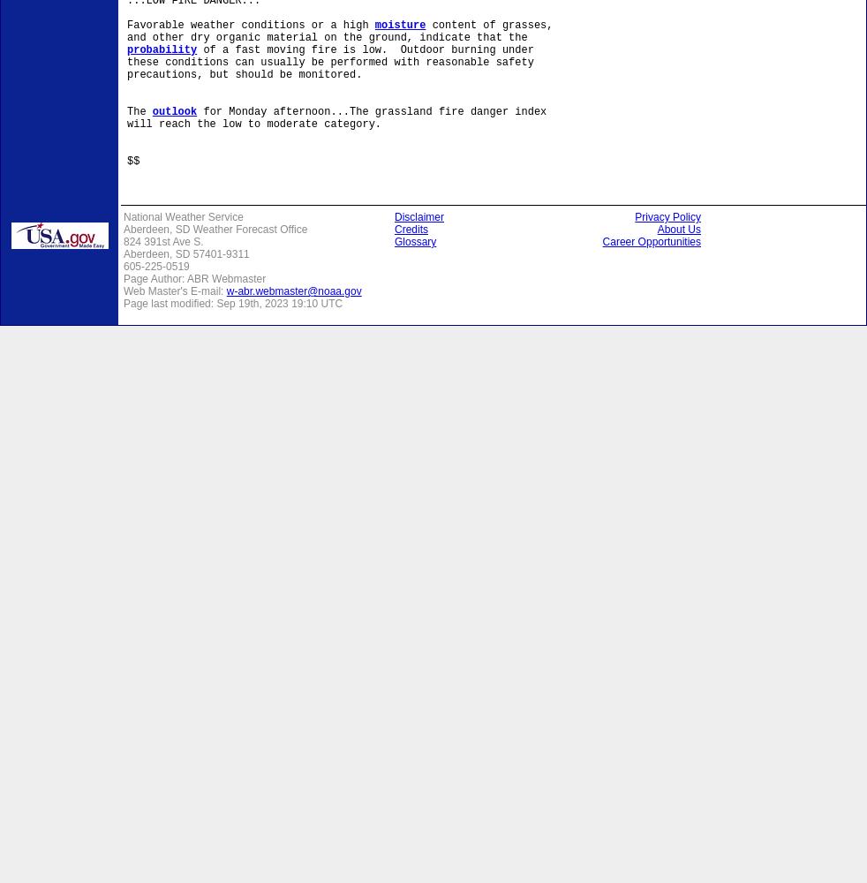 This screenshot has height=883, width=867. I want to click on 'w-abr.webmaster@noaa.gov', so click(226, 291).